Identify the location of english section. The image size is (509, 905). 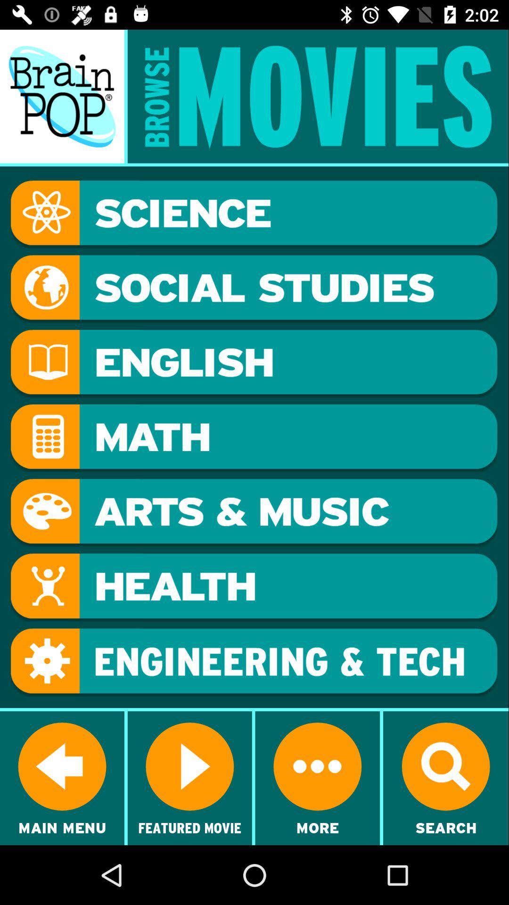
(254, 363).